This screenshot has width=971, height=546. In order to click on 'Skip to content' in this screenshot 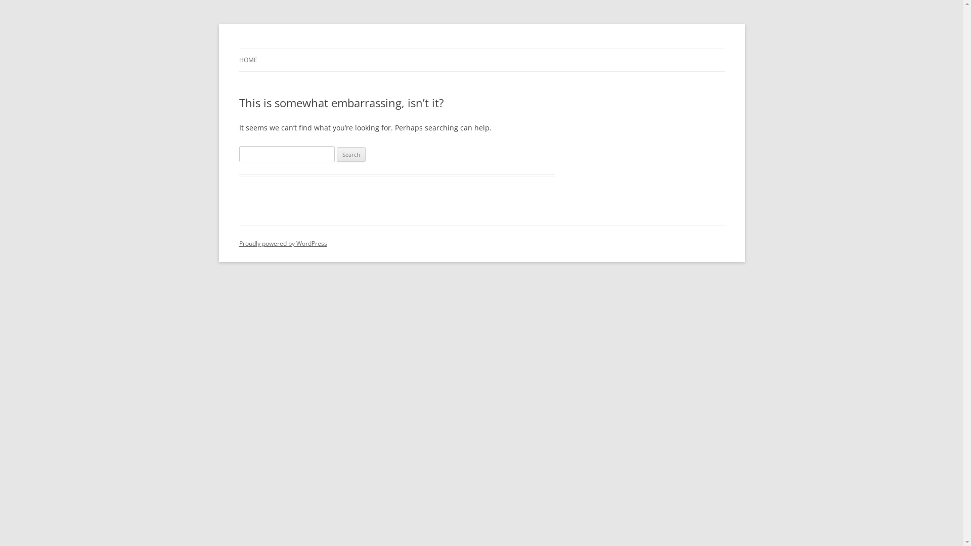, I will do `click(480, 49)`.